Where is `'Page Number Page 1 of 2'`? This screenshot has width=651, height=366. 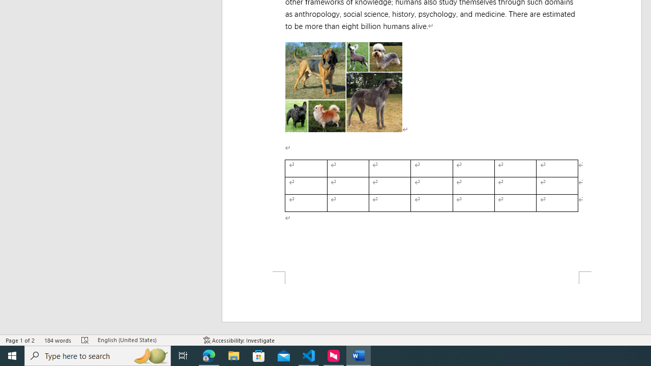
'Page Number Page 1 of 2' is located at coordinates (20, 340).